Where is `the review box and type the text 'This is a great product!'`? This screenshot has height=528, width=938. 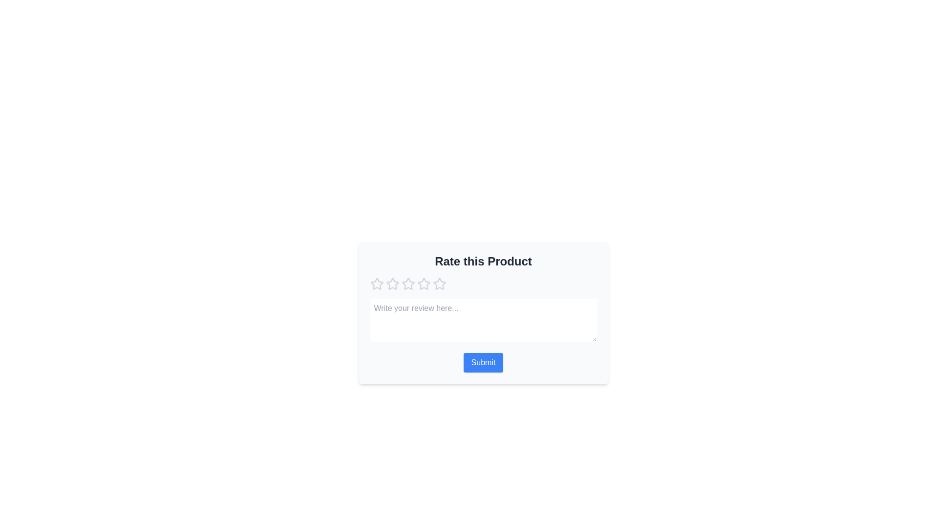 the review box and type the text 'This is a great product!' is located at coordinates (483, 320).